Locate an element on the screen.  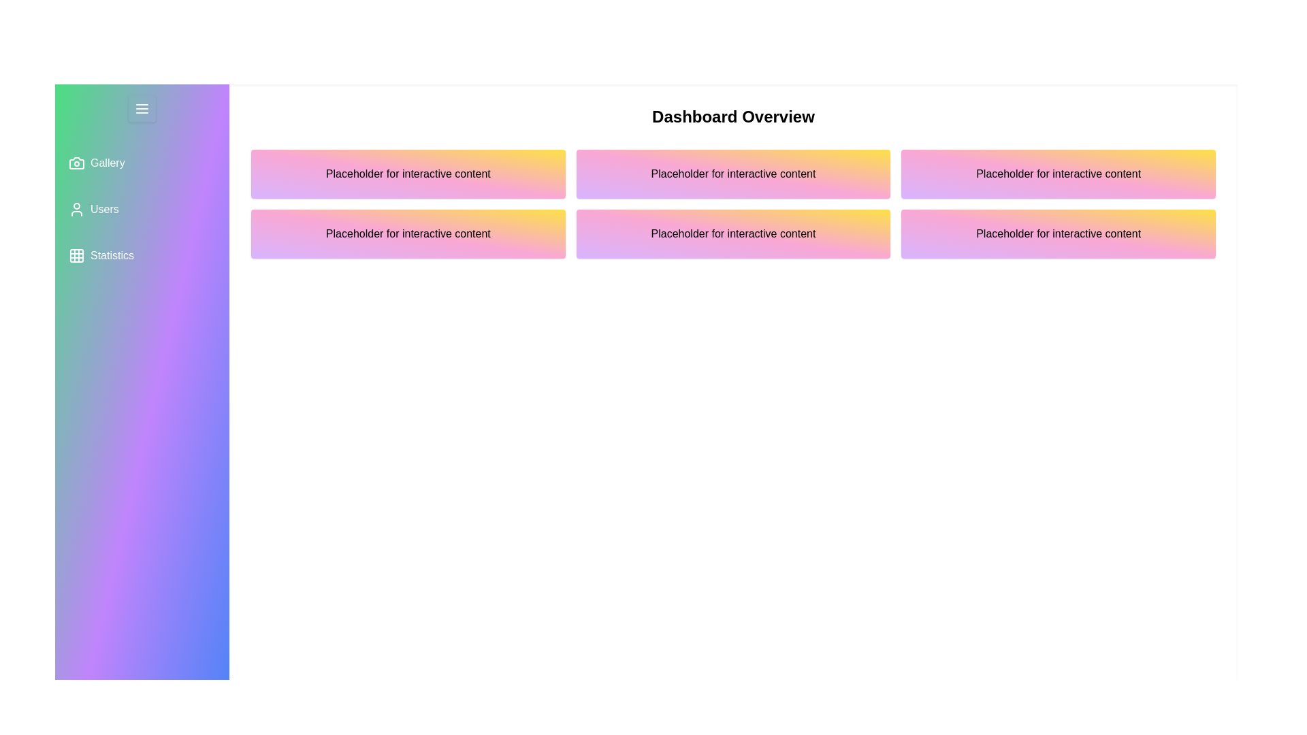
the menu item labeled Statistics to navigate to the corresponding section is located at coordinates (142, 255).